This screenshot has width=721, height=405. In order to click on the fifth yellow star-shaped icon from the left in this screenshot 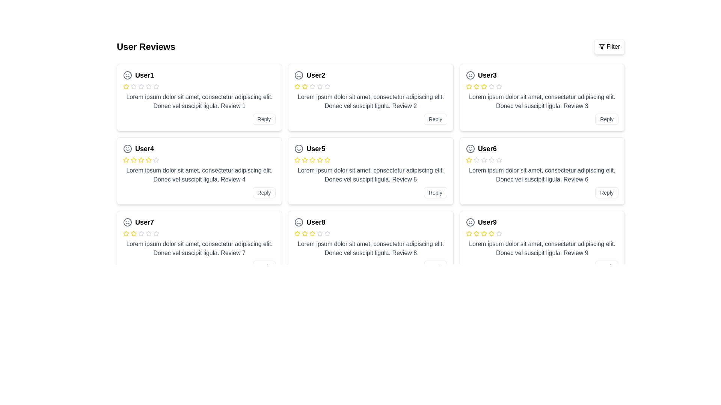, I will do `click(141, 160)`.